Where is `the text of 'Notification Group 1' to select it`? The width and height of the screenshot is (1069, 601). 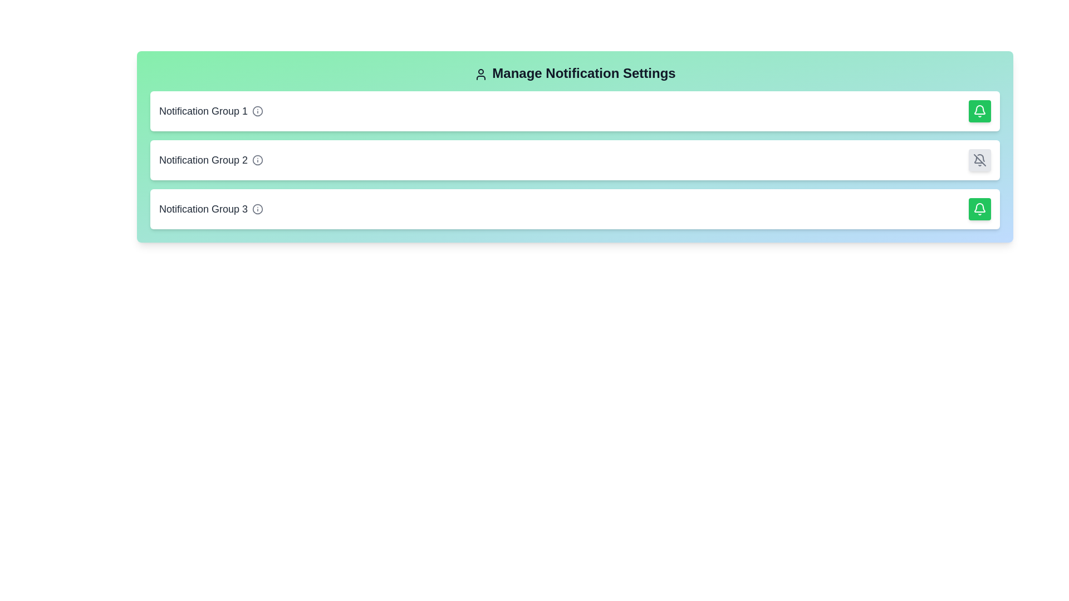 the text of 'Notification Group 1' to select it is located at coordinates (203, 111).